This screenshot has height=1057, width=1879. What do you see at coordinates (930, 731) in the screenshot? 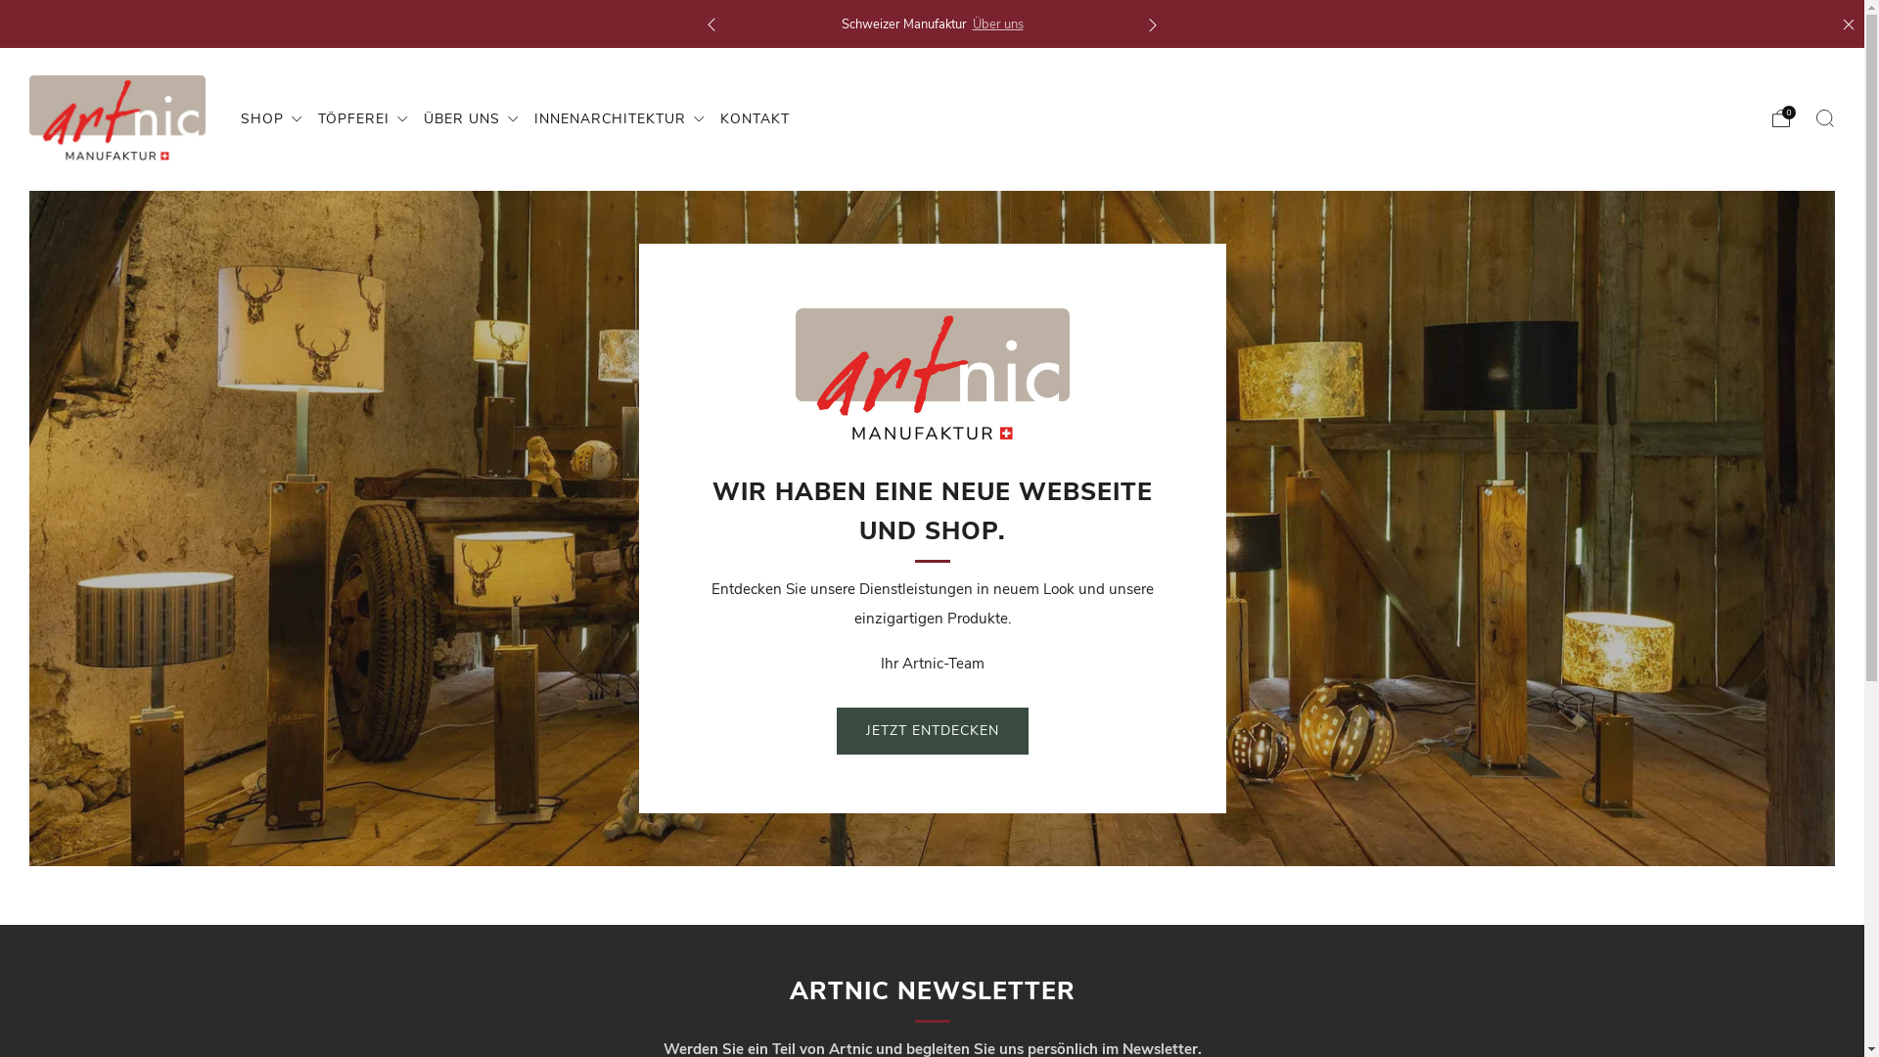
I see `'JETZT ENTDECKEN'` at bounding box center [930, 731].